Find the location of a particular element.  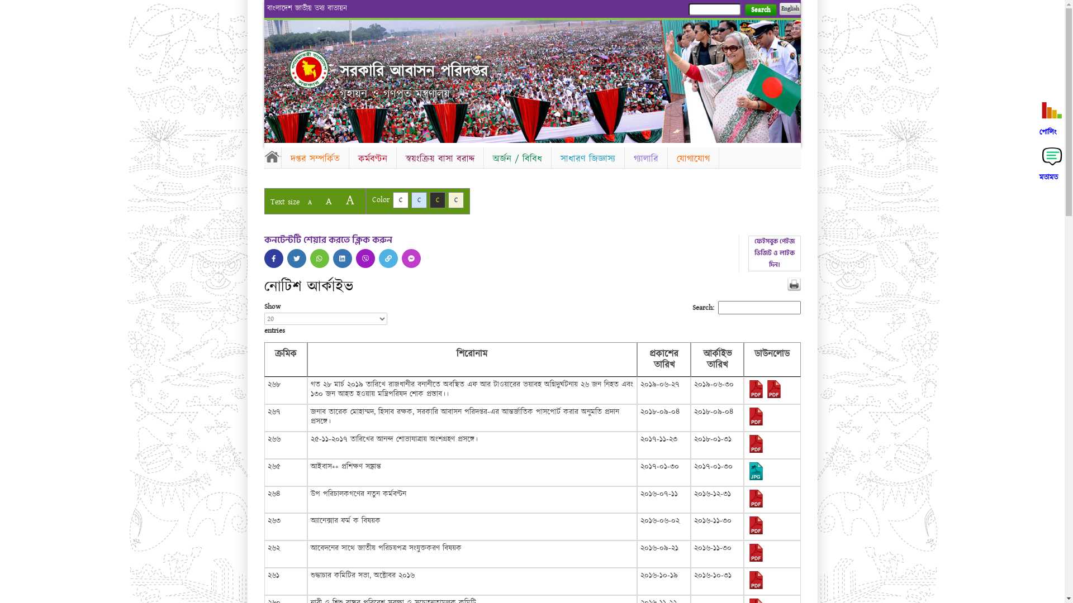

'C' is located at coordinates (392, 199).